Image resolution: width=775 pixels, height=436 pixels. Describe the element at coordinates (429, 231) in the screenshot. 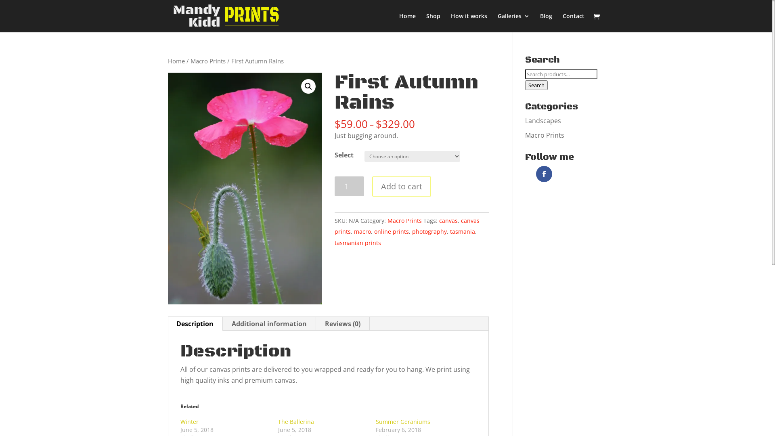

I see `'photography'` at that location.